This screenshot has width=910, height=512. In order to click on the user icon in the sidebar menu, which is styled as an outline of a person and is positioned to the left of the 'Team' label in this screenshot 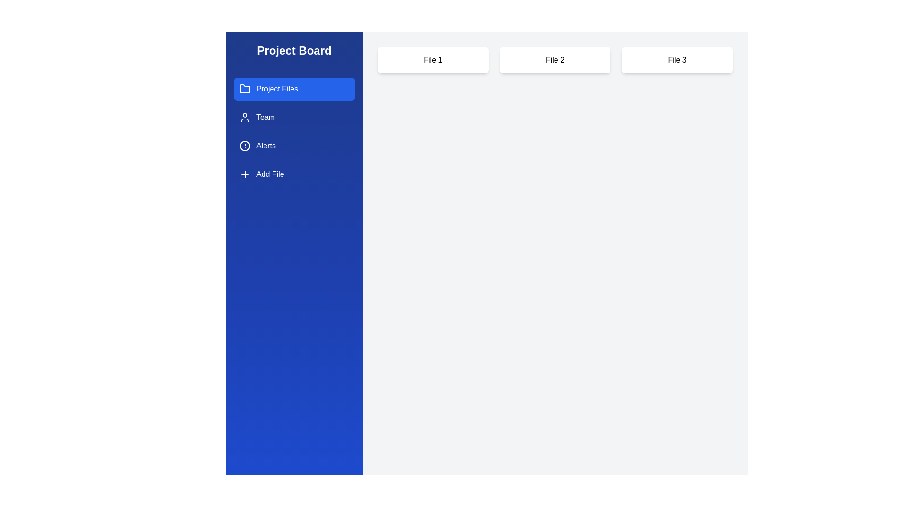, I will do `click(245, 117)`.